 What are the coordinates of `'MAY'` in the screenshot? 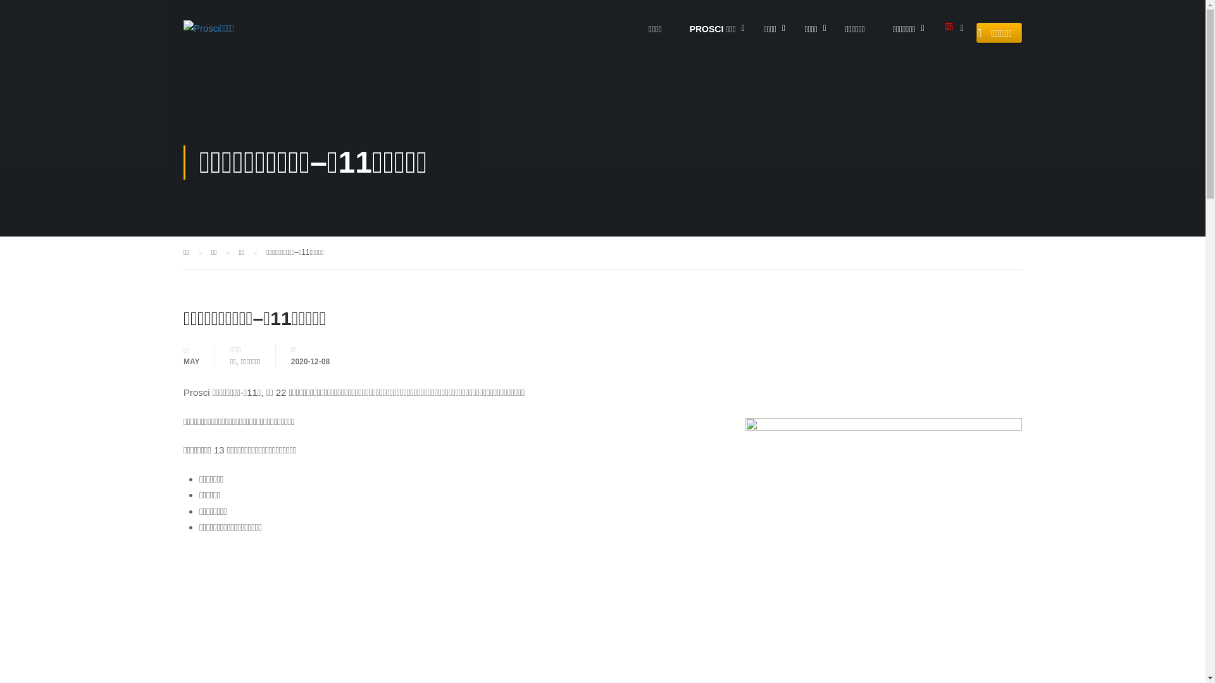 It's located at (190, 360).